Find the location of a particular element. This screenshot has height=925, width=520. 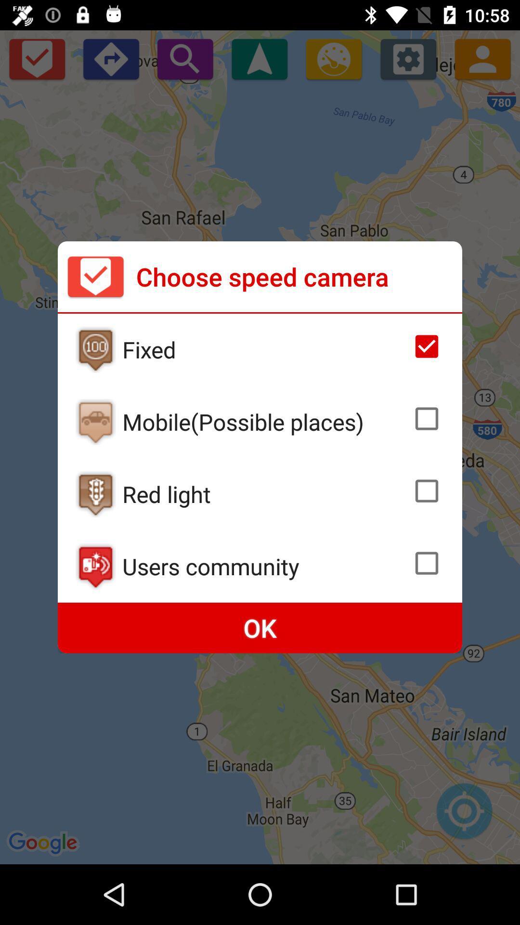

the fixed item is located at coordinates (264, 349).